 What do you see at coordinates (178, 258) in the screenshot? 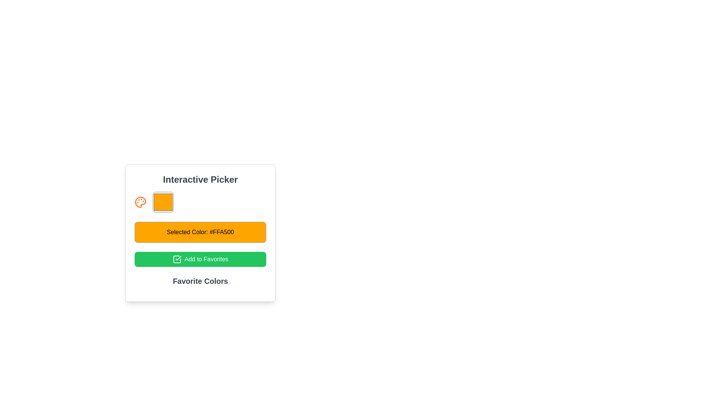
I see `the SVG checkmark icon within the green 'Add to Favorites' button` at bounding box center [178, 258].